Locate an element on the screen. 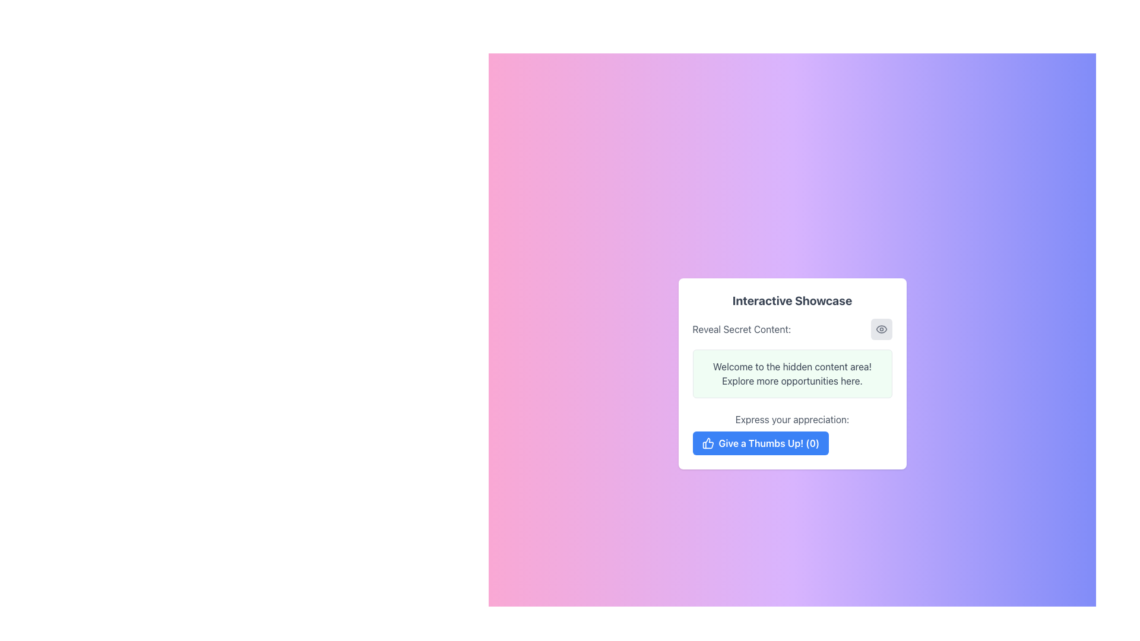 The width and height of the screenshot is (1140, 641). the 'thumbs up' button located below the text 'Express your appreciation:' to change its color is located at coordinates (761, 443).